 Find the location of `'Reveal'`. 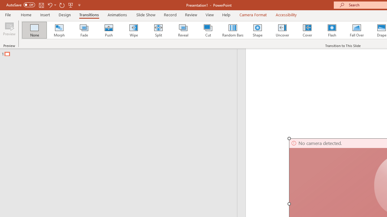

'Reveal' is located at coordinates (183, 30).